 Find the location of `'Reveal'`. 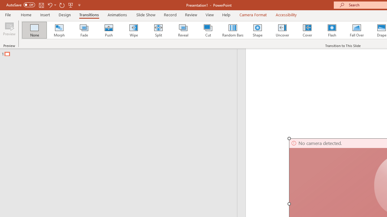

'Reveal' is located at coordinates (183, 30).